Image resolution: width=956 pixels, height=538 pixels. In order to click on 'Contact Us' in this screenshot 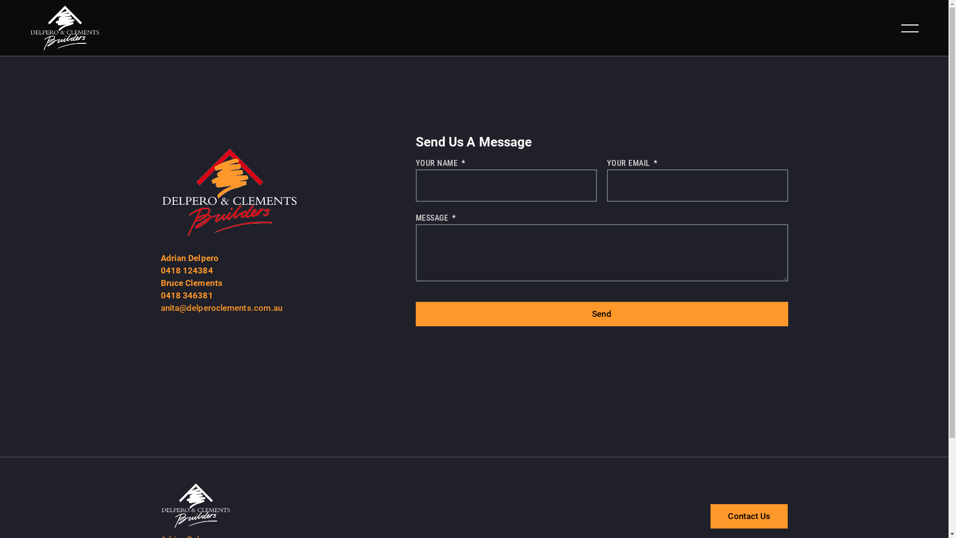, I will do `click(749, 516)`.